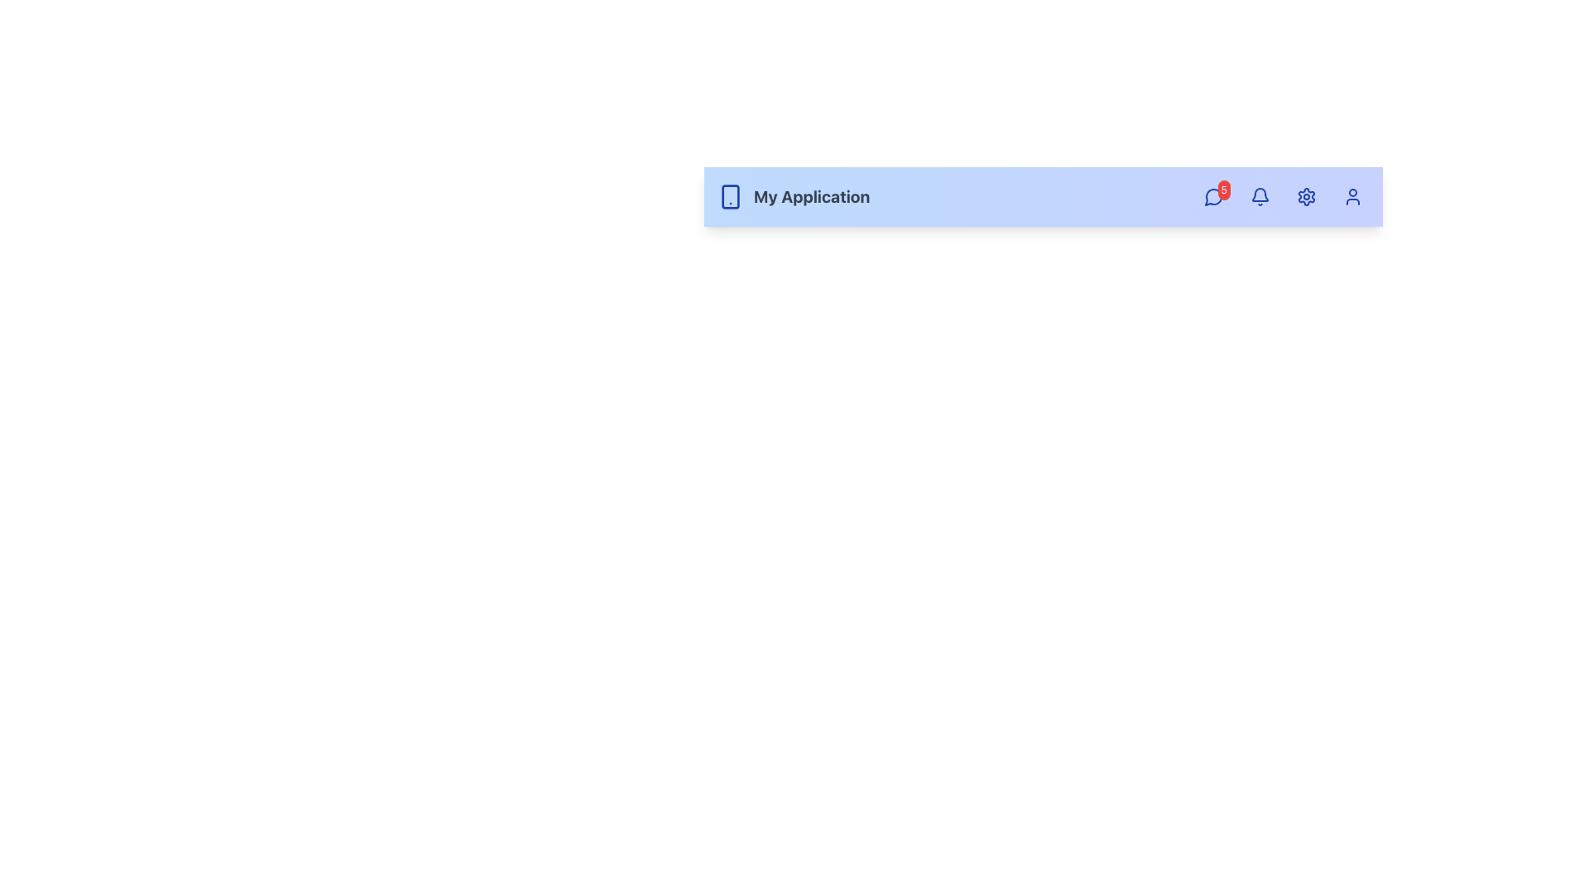 This screenshot has height=894, width=1589. Describe the element at coordinates (730, 196) in the screenshot. I see `the smartphone icon with a blue outline that is positioned to the left of the text 'My Application'` at that location.